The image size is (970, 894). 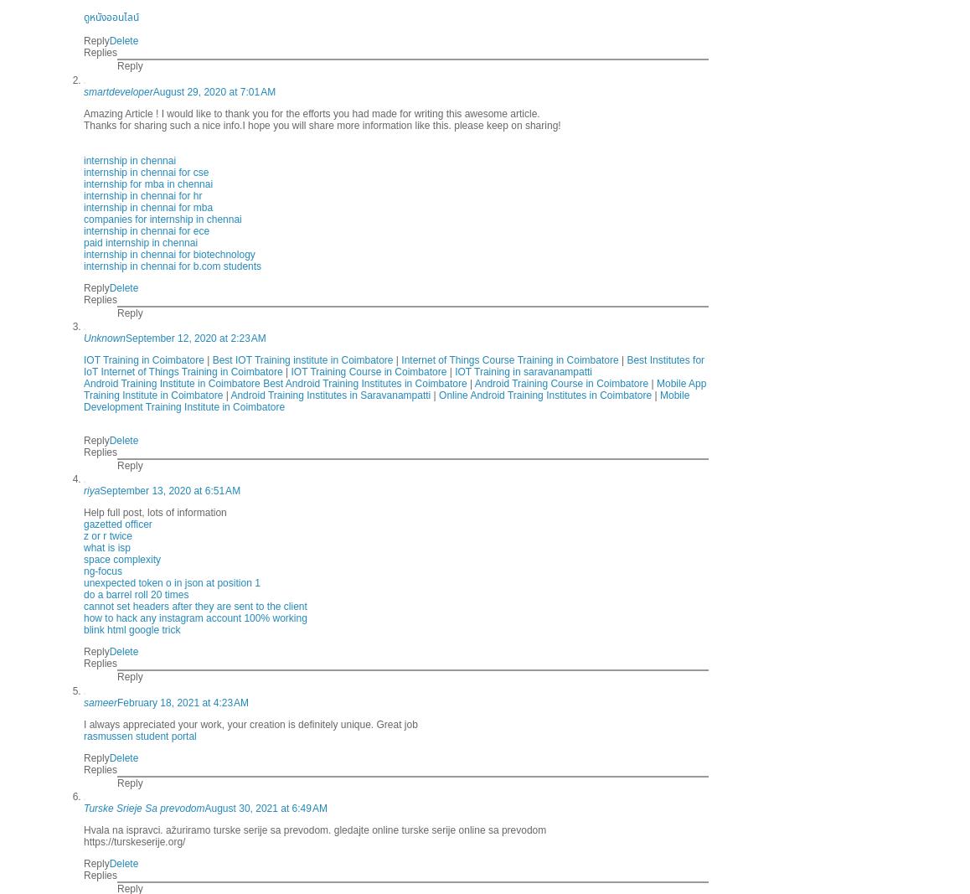 What do you see at coordinates (106, 547) in the screenshot?
I see `'what is isp'` at bounding box center [106, 547].